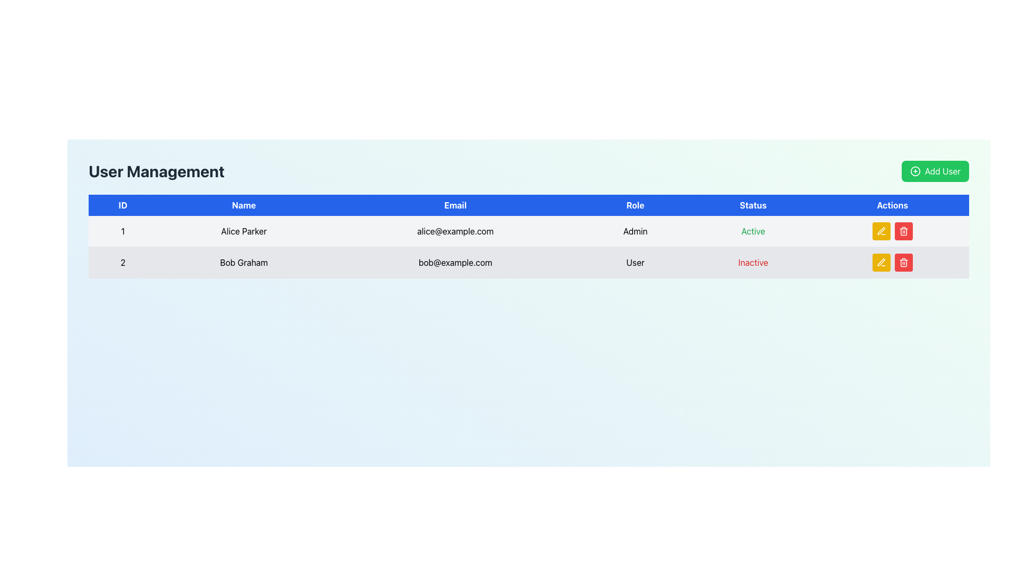  I want to click on the edit icon button located in the 'Actions' column of the second row for the user 'Bob Graham' to initiate the editing action, so click(881, 262).